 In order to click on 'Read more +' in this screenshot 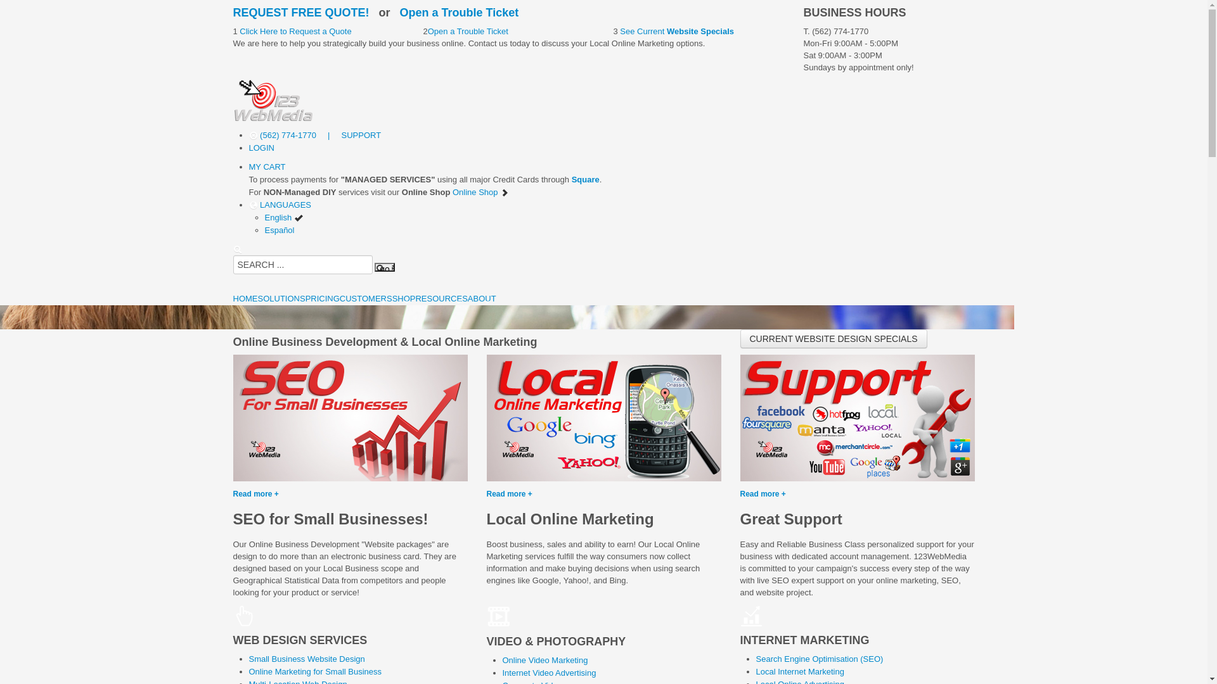, I will do `click(858, 456)`.